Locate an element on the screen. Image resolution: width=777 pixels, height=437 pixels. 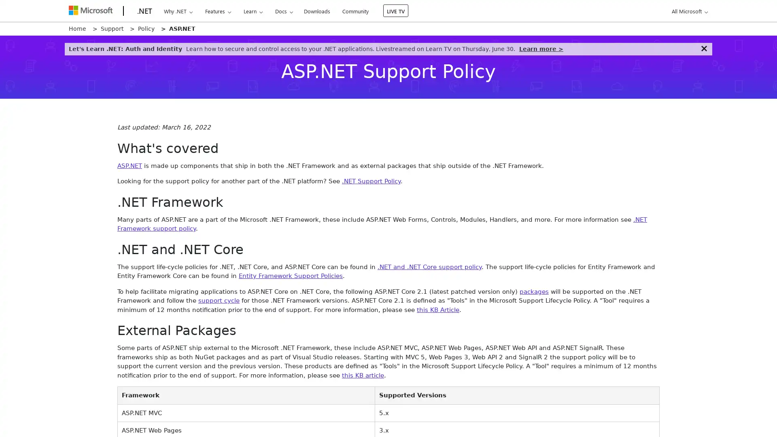
Docs is located at coordinates (284, 11).